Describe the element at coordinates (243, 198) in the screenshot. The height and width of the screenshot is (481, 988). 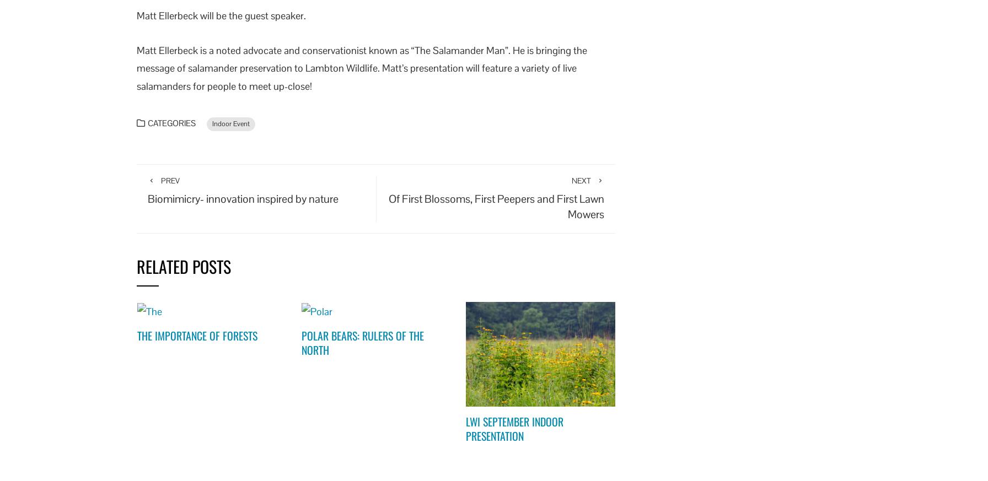
I see `'Biomimicry- innovation inspired by nature'` at that location.